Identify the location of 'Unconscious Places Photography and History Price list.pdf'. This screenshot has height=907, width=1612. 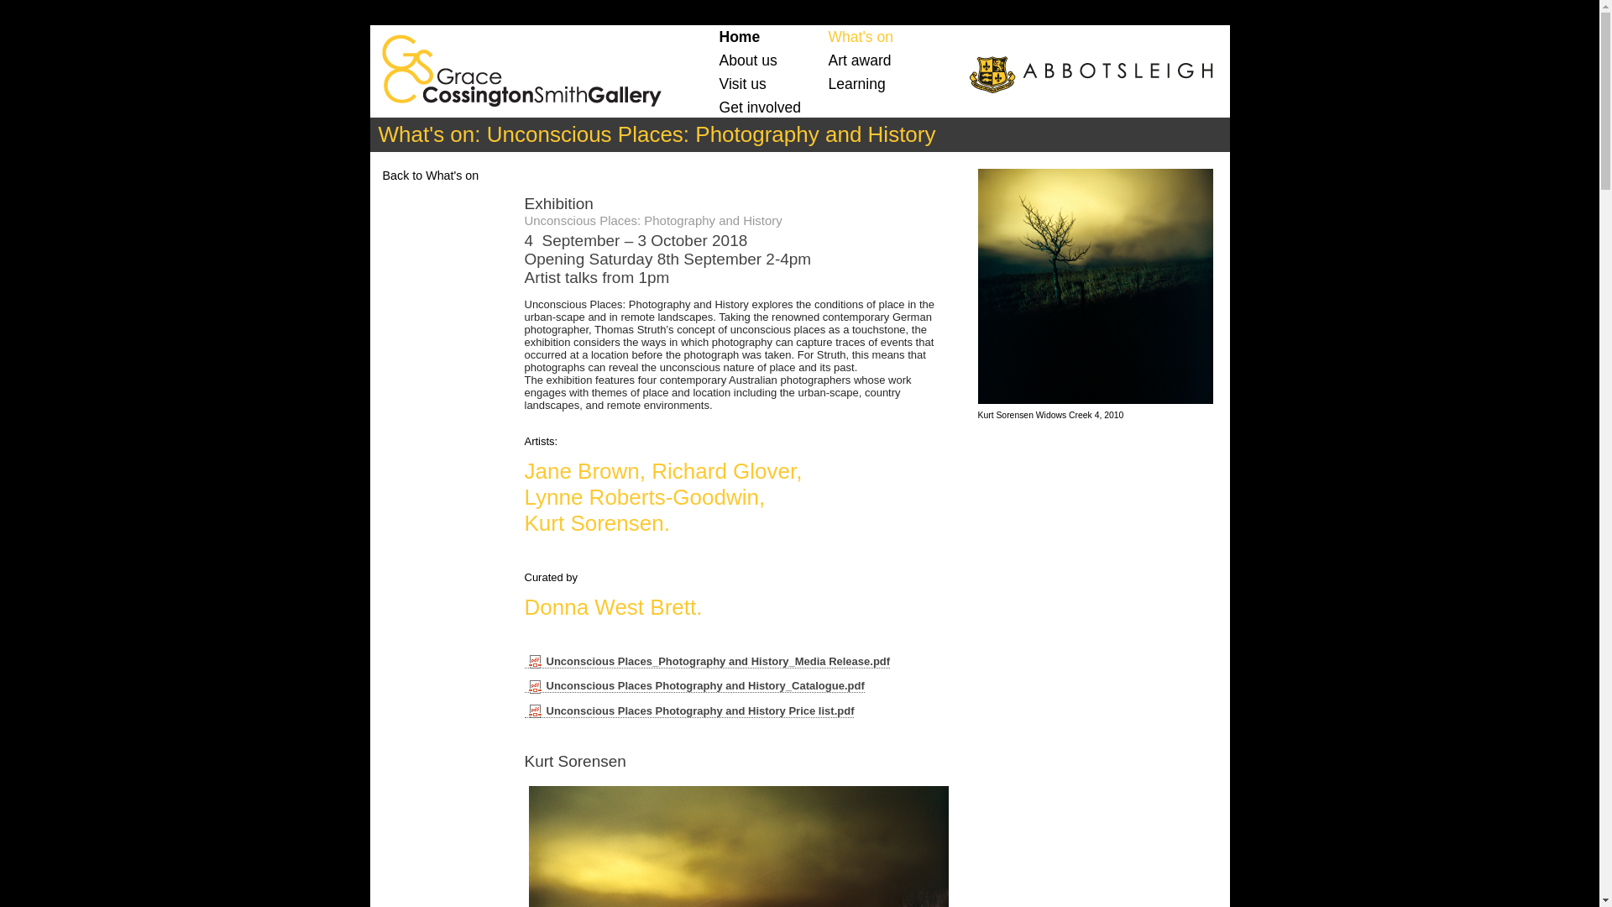
(688, 711).